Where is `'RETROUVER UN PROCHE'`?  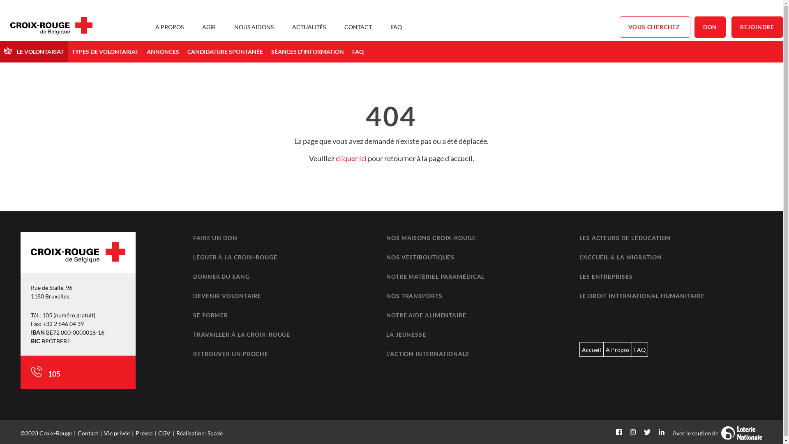 'RETROUVER UN PROCHE' is located at coordinates (230, 353).